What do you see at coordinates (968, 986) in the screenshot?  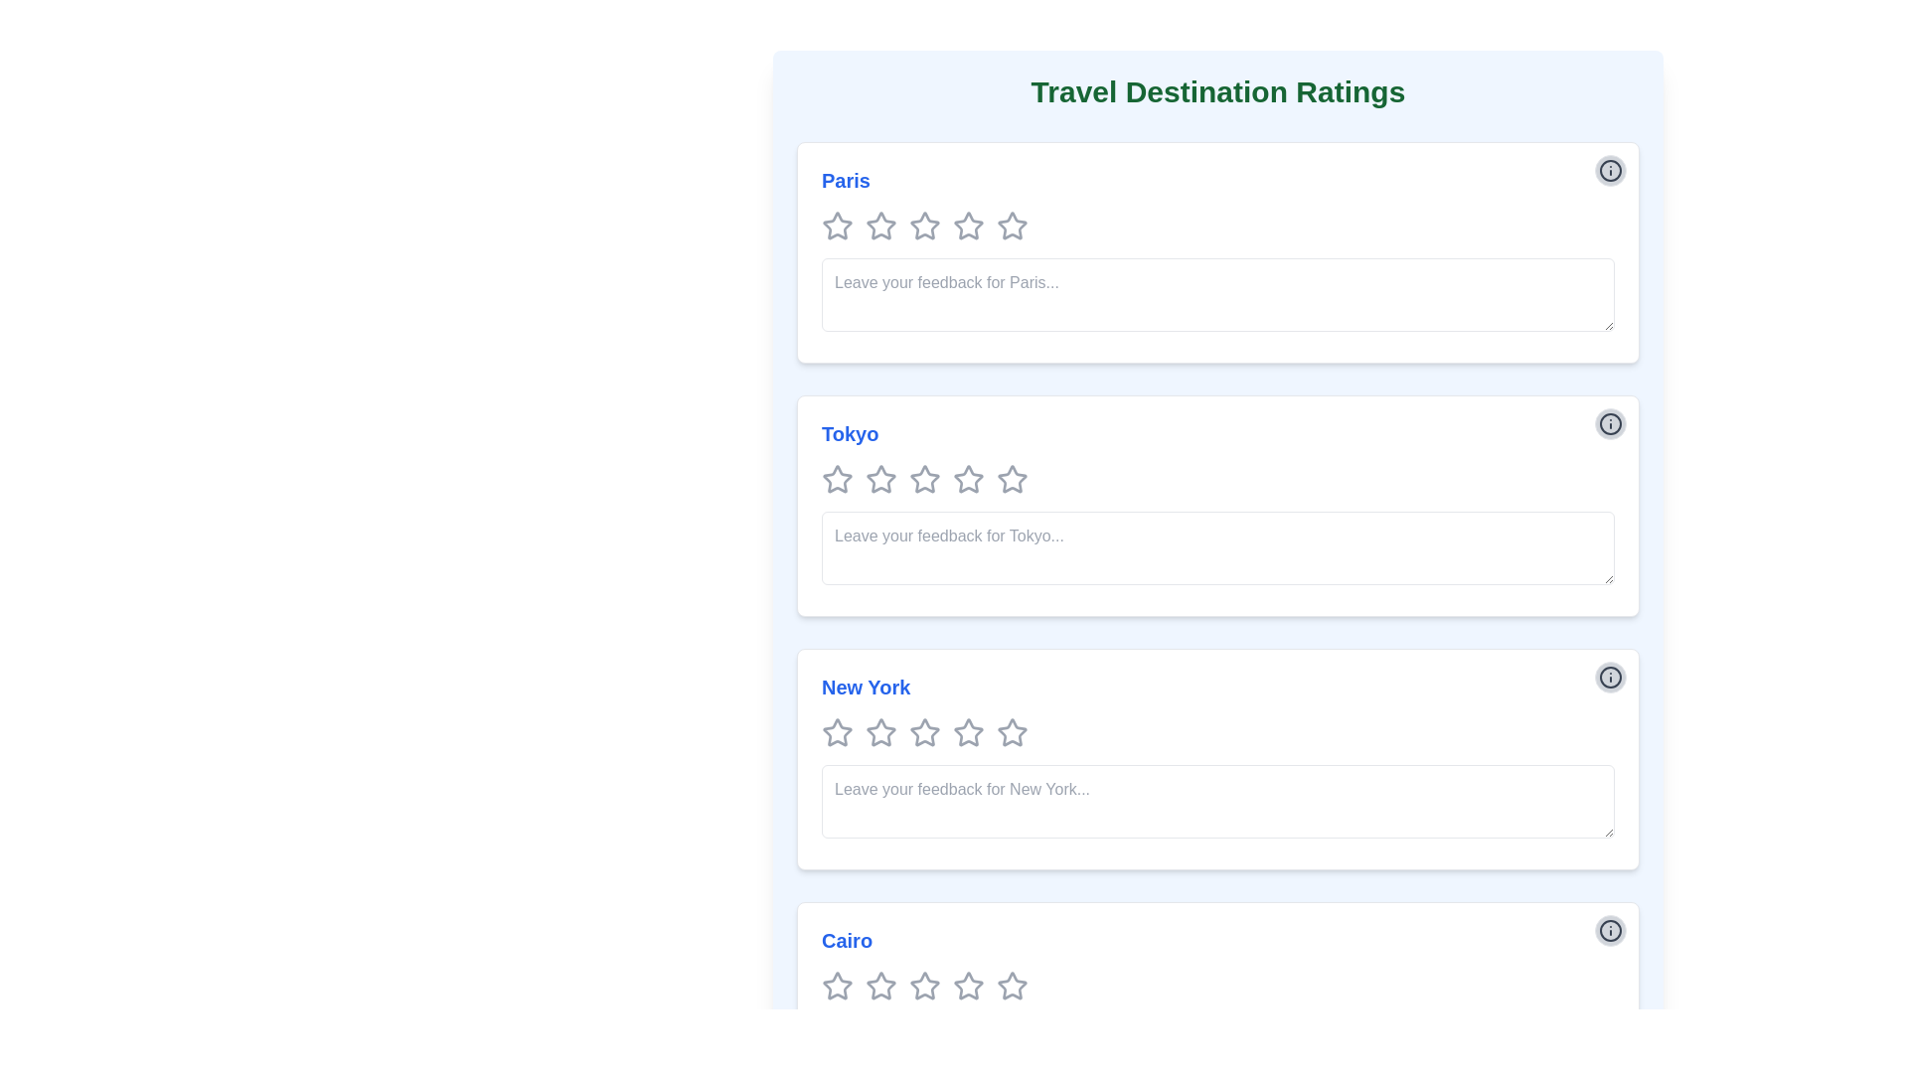 I see `the fifth star icon in the Cairo rating section` at bounding box center [968, 986].